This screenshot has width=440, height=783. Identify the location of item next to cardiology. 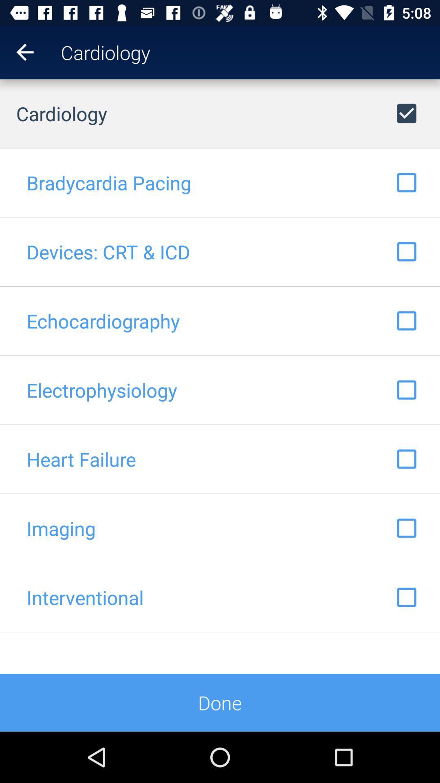
(429, 52).